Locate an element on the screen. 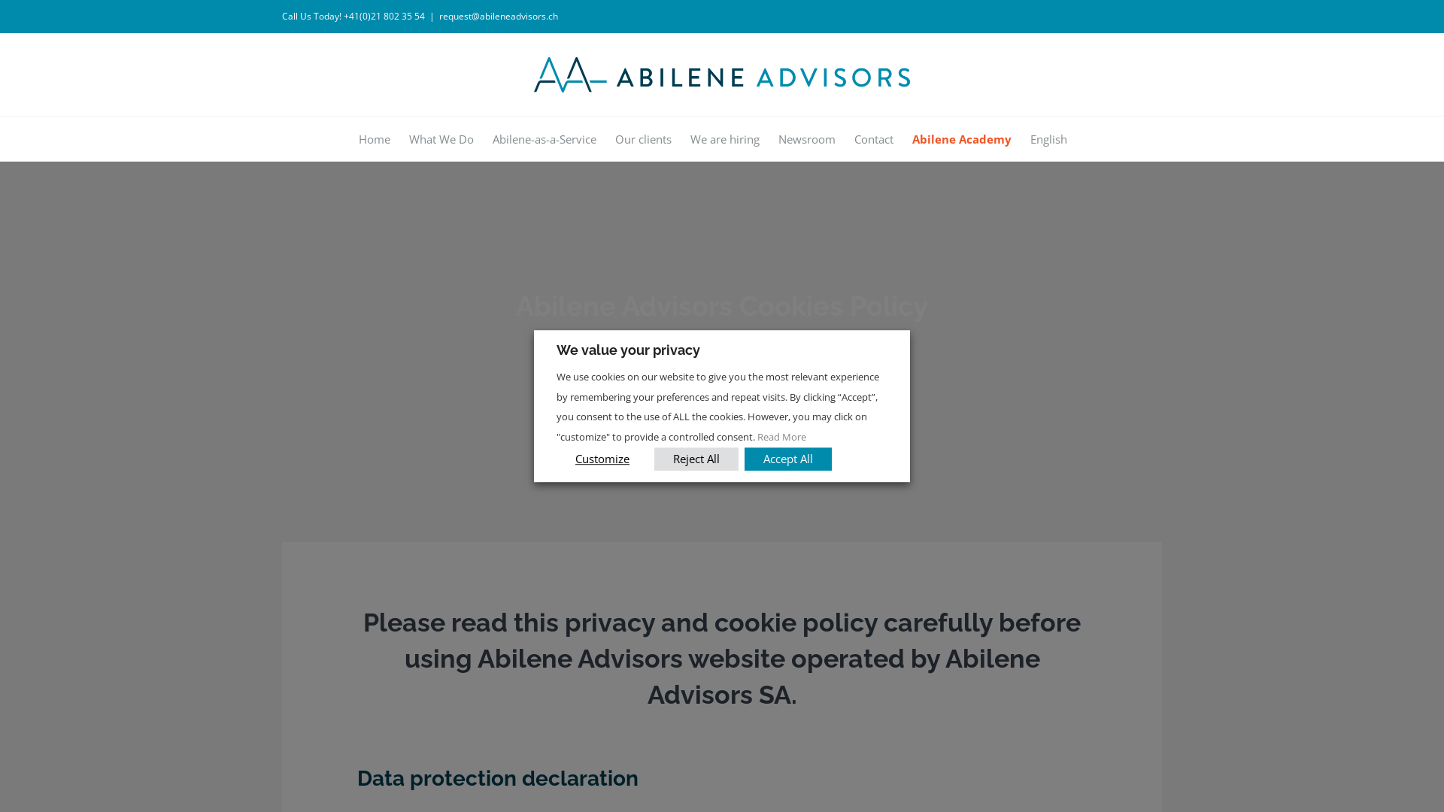  'Customize' is located at coordinates (602, 457).